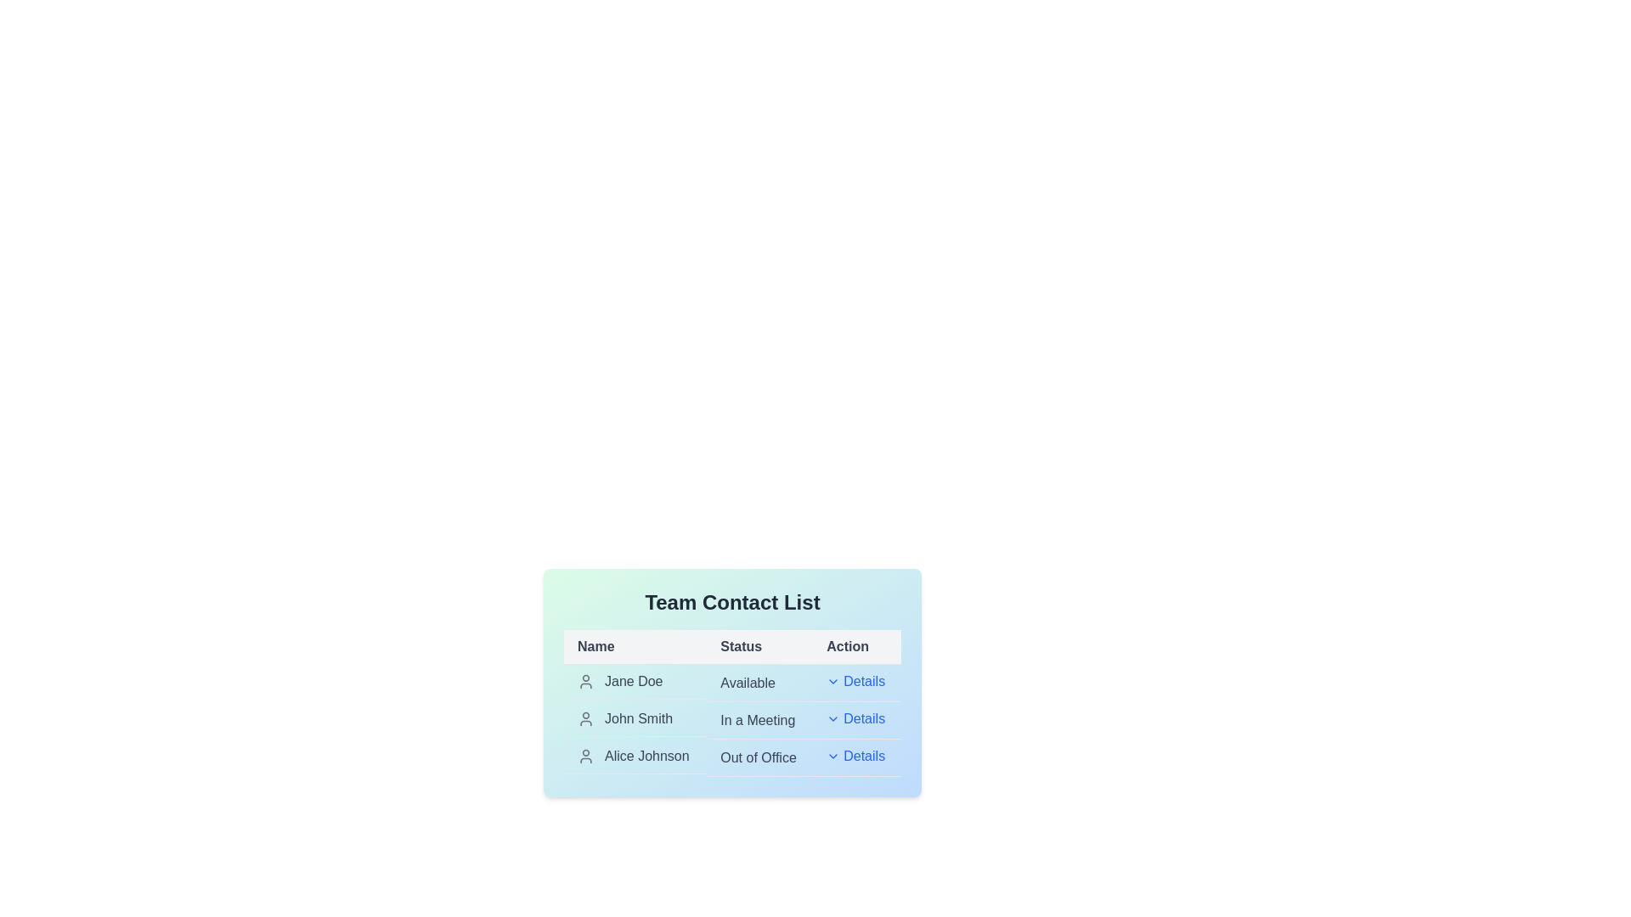  Describe the element at coordinates (635, 756) in the screenshot. I see `the contact name corresponding to Alice Johnson` at that location.